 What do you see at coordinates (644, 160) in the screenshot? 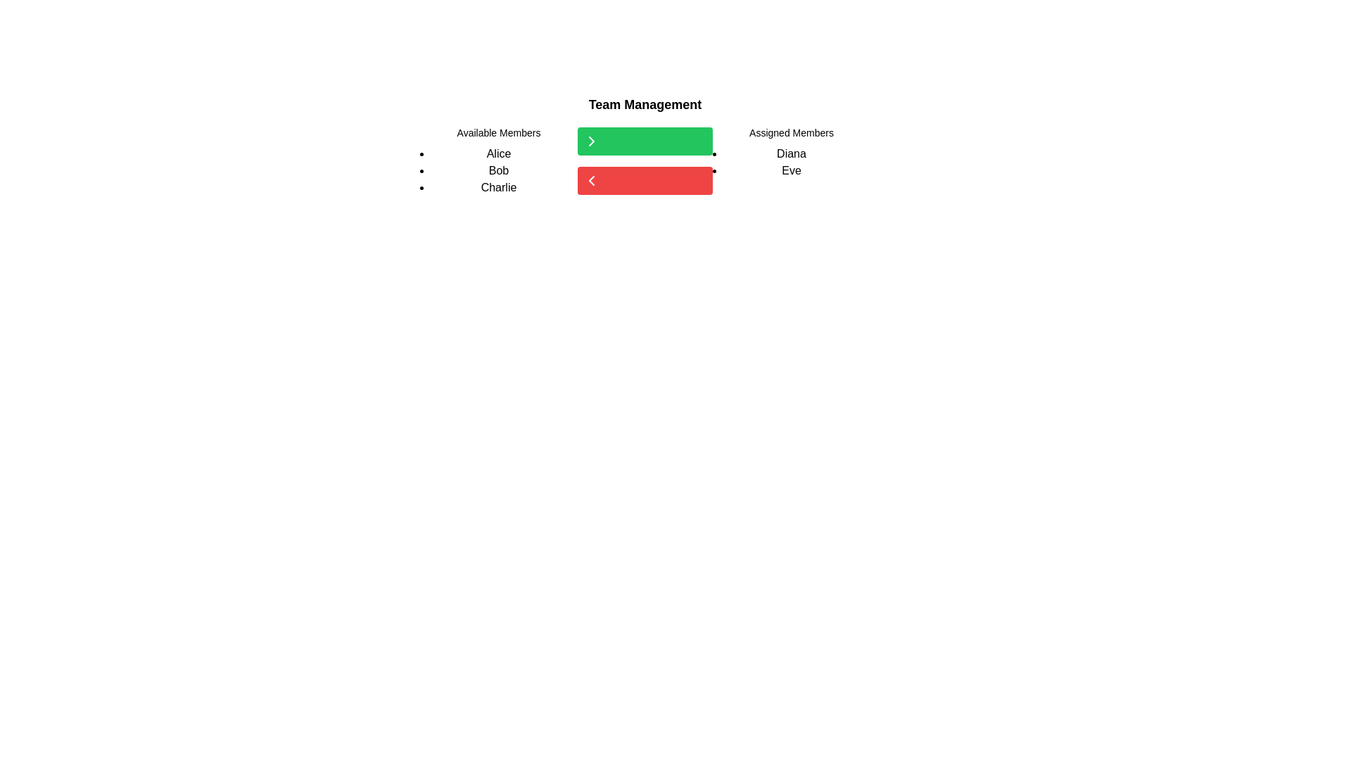
I see `the green button in the 'Team Management' layout to transfer selected items from 'Available Members' to 'Assigned Members'` at bounding box center [644, 160].